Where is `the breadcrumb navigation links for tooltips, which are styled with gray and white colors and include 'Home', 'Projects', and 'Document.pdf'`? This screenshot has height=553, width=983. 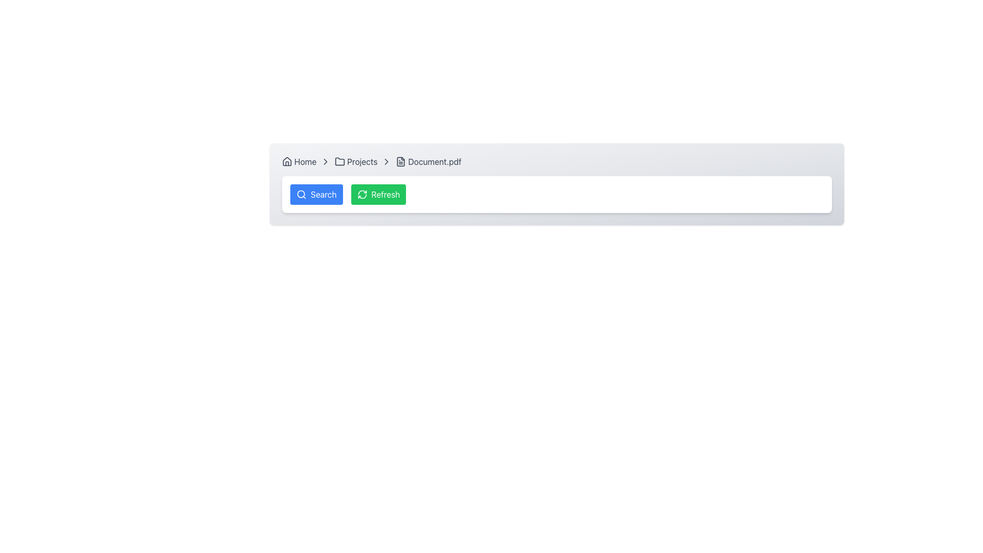 the breadcrumb navigation links for tooltips, which are styled with gray and white colors and include 'Home', 'Projects', and 'Document.pdf' is located at coordinates (557, 161).